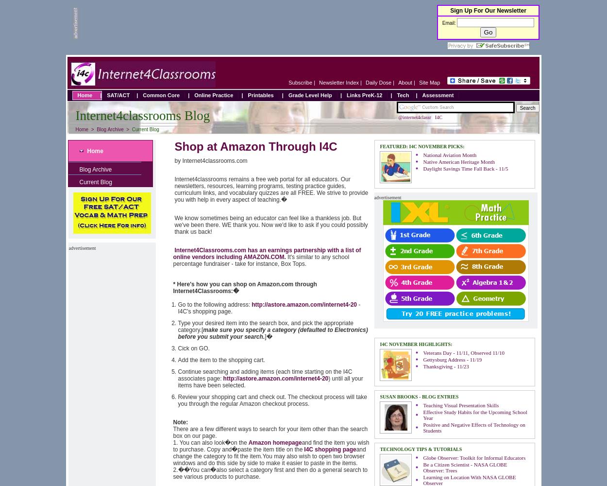  Describe the element at coordinates (266, 327) in the screenshot. I see `'Type your desired item into the search box, and pick the appropriate category.['` at that location.